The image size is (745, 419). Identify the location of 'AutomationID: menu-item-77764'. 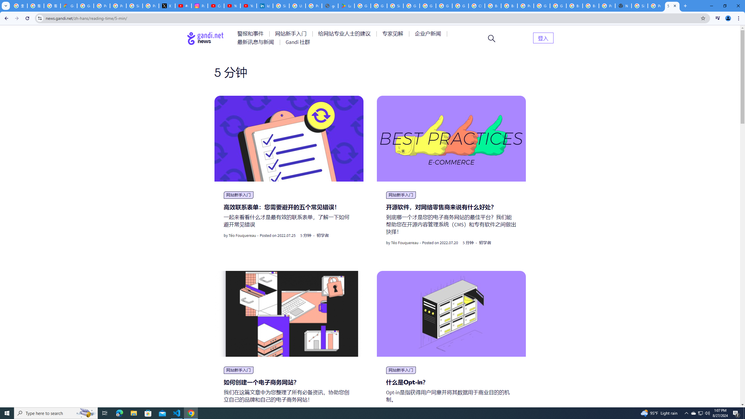
(393, 33).